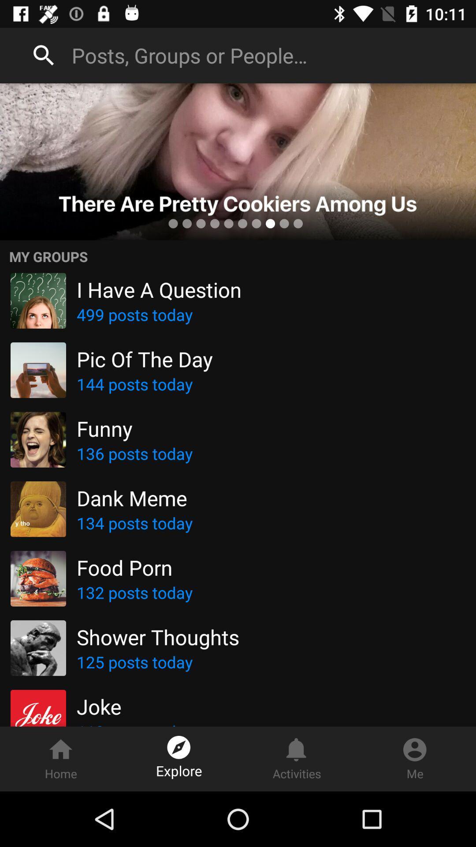  What do you see at coordinates (44, 55) in the screenshot?
I see `goto search` at bounding box center [44, 55].